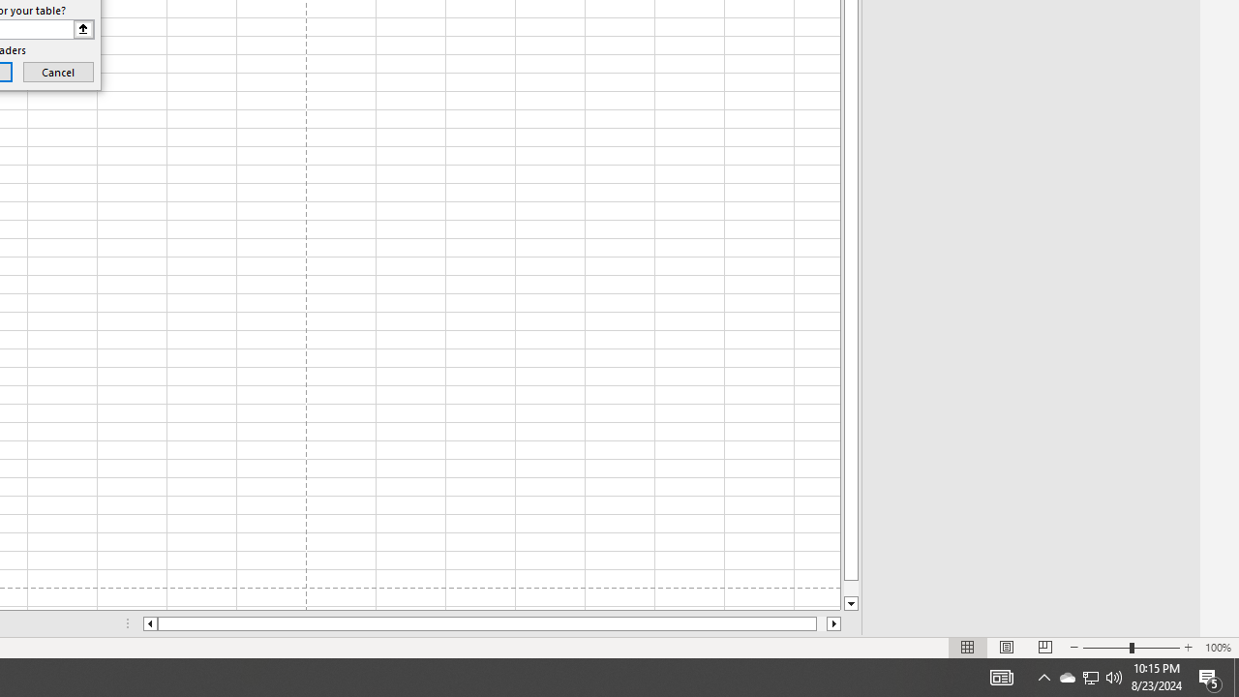 The height and width of the screenshot is (697, 1239). Describe the element at coordinates (834, 623) in the screenshot. I see `'Column right'` at that location.